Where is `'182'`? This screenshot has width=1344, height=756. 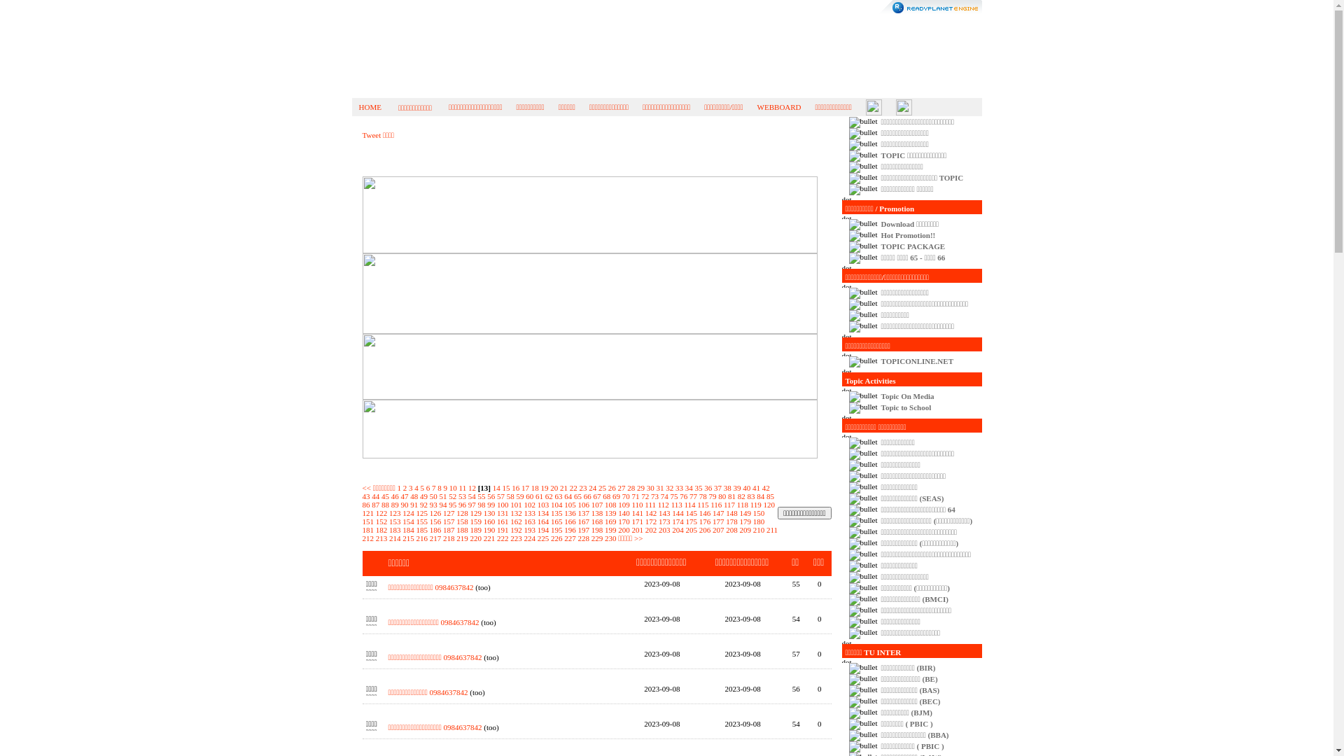 '182' is located at coordinates (381, 529).